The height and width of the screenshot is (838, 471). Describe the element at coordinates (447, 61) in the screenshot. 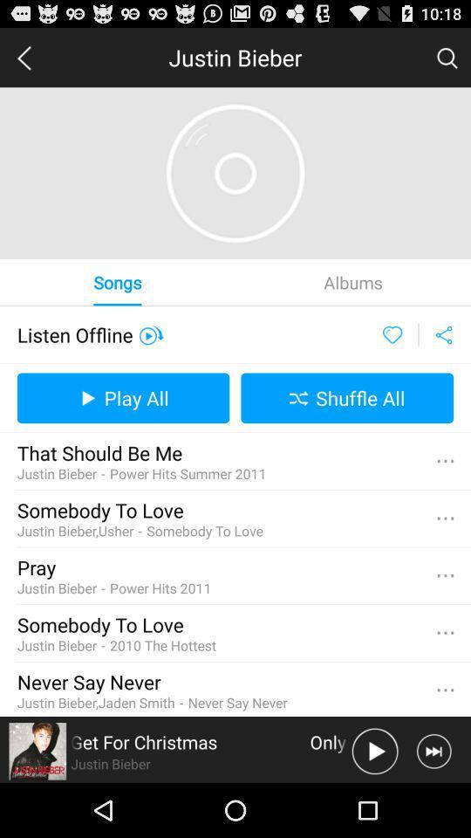

I see `the search icon` at that location.